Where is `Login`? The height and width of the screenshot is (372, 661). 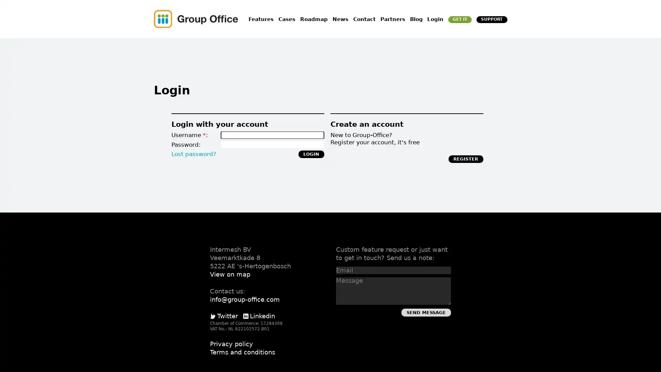 Login is located at coordinates (311, 154).